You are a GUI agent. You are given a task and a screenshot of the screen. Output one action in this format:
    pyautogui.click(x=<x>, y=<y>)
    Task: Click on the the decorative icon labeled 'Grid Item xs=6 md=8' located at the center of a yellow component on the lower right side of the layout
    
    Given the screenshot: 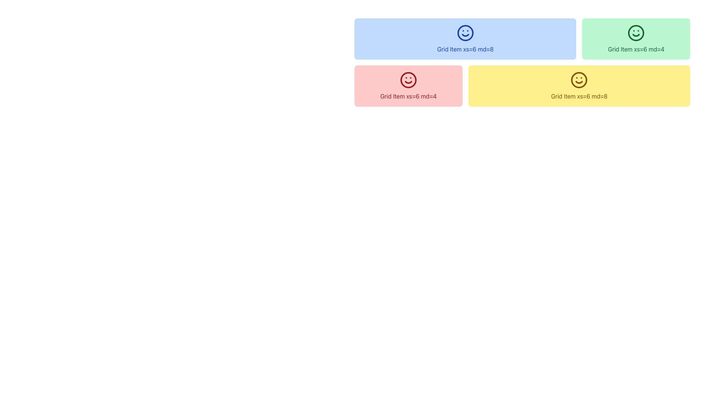 What is the action you would take?
    pyautogui.click(x=579, y=80)
    